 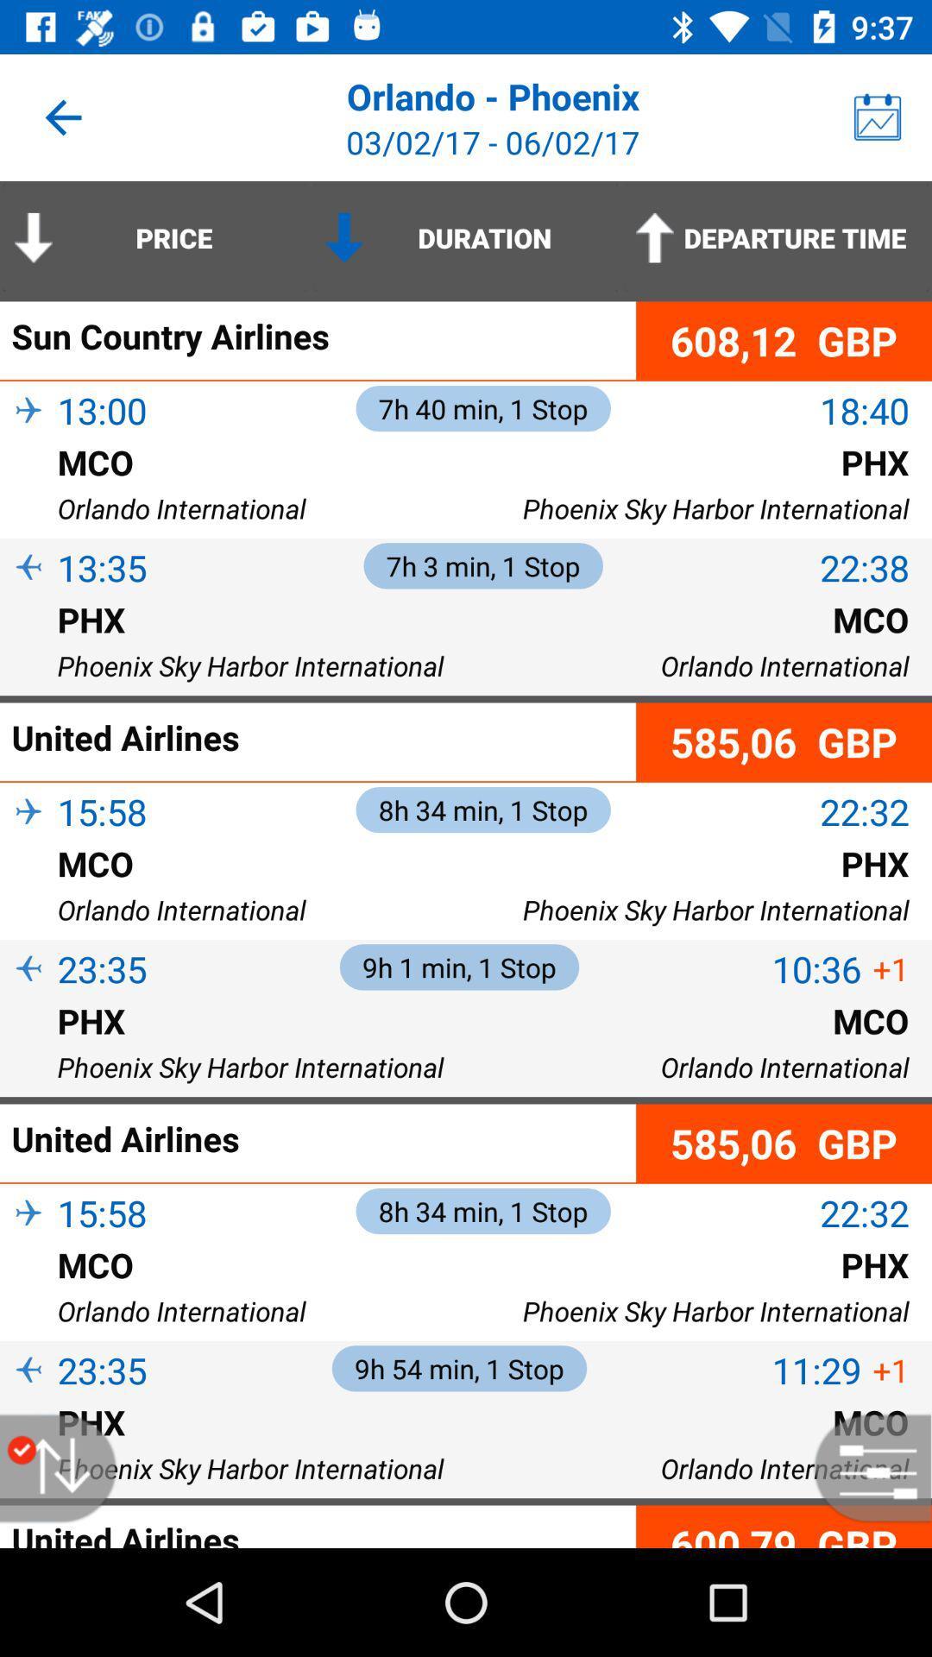 What do you see at coordinates (66, 1467) in the screenshot?
I see `swap outbound and inbound` at bounding box center [66, 1467].